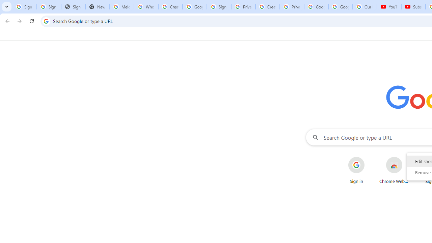 The width and height of the screenshot is (432, 243). I want to click on 'Who is my administrator? - Google Account Help', so click(145, 7).